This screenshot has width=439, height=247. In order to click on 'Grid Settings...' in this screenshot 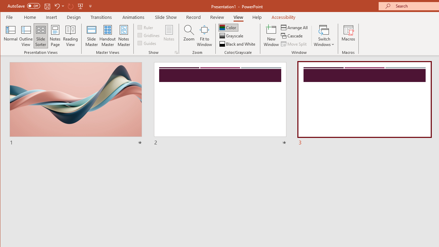, I will do `click(176, 52)`.